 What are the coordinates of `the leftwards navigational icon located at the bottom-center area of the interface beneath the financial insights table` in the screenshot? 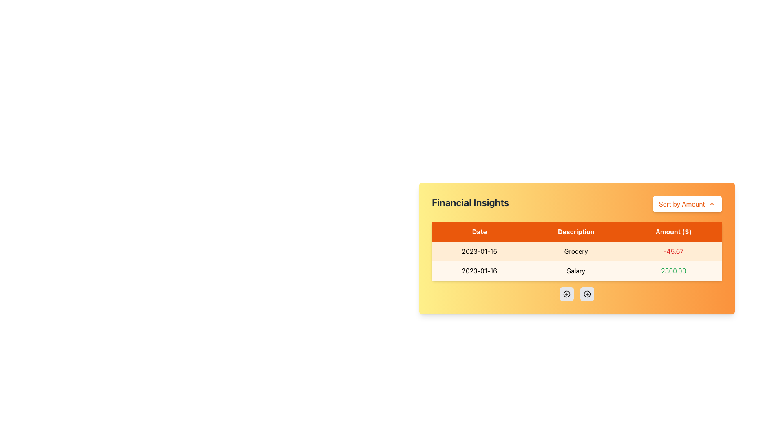 It's located at (566, 294).